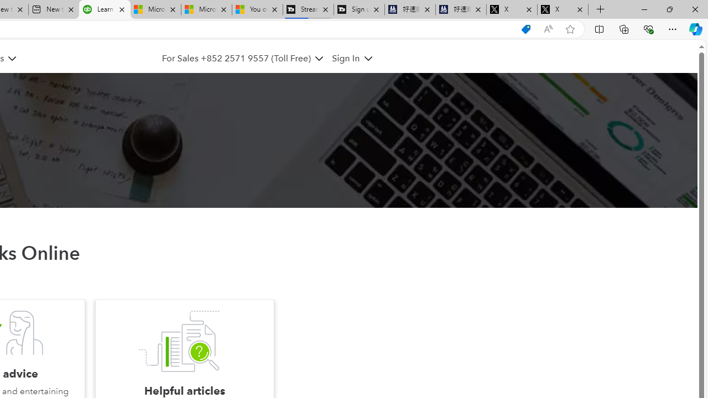 This screenshot has width=708, height=398. What do you see at coordinates (179, 341) in the screenshot?
I see `'Helpful articles'` at bounding box center [179, 341].